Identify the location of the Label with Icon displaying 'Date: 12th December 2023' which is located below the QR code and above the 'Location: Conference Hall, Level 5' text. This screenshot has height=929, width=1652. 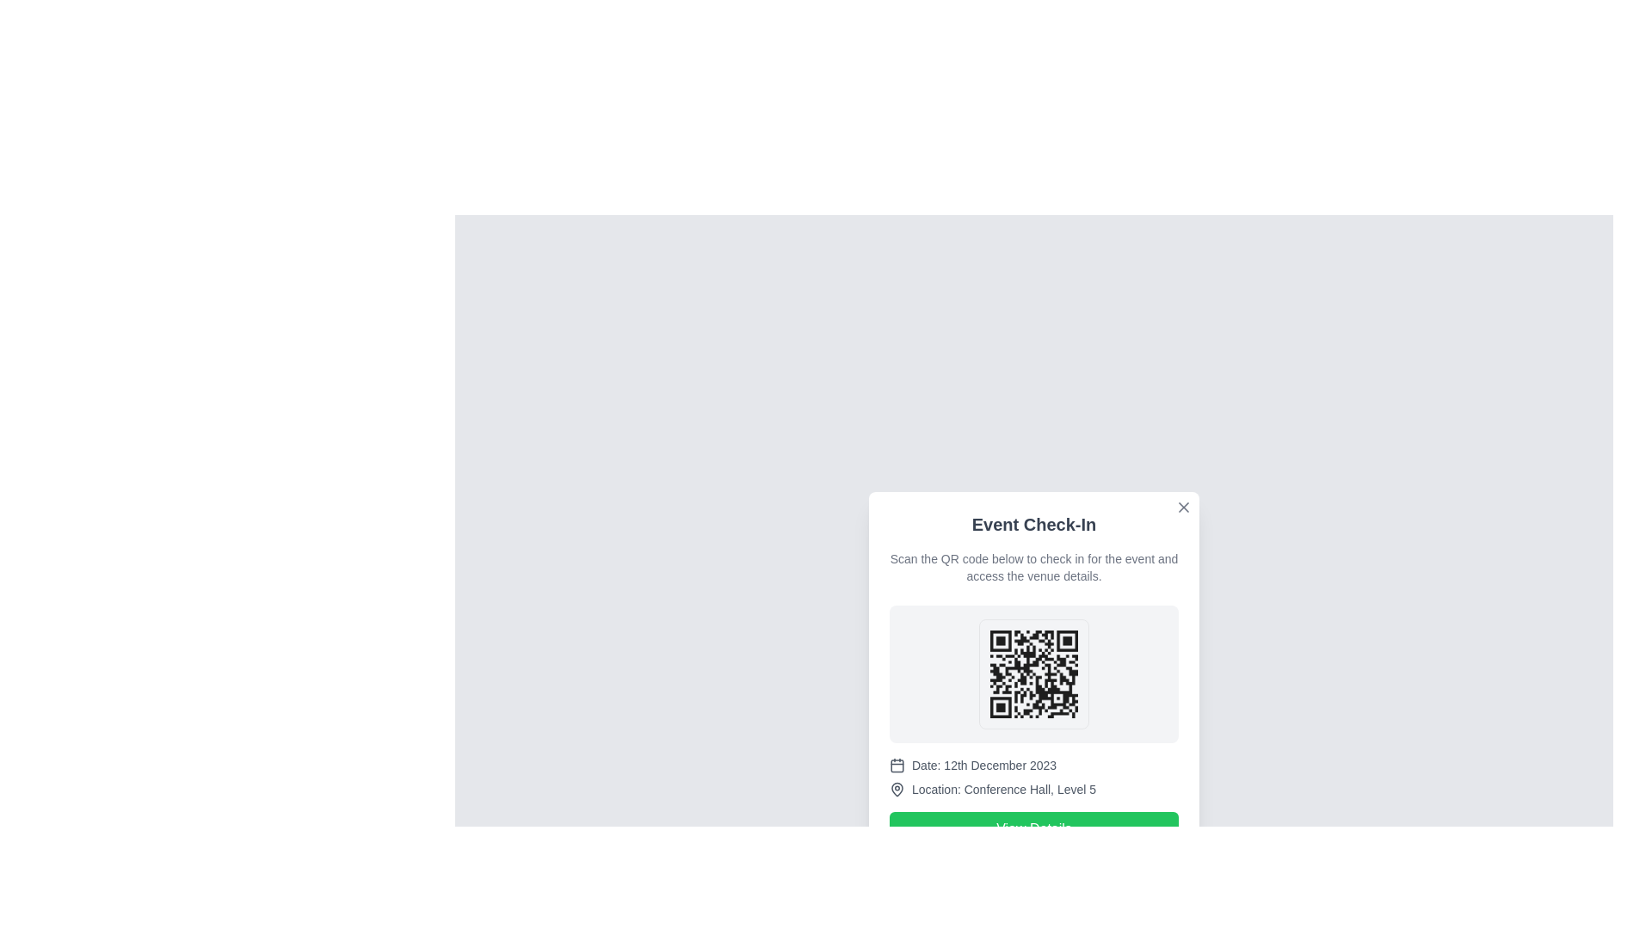
(1032, 765).